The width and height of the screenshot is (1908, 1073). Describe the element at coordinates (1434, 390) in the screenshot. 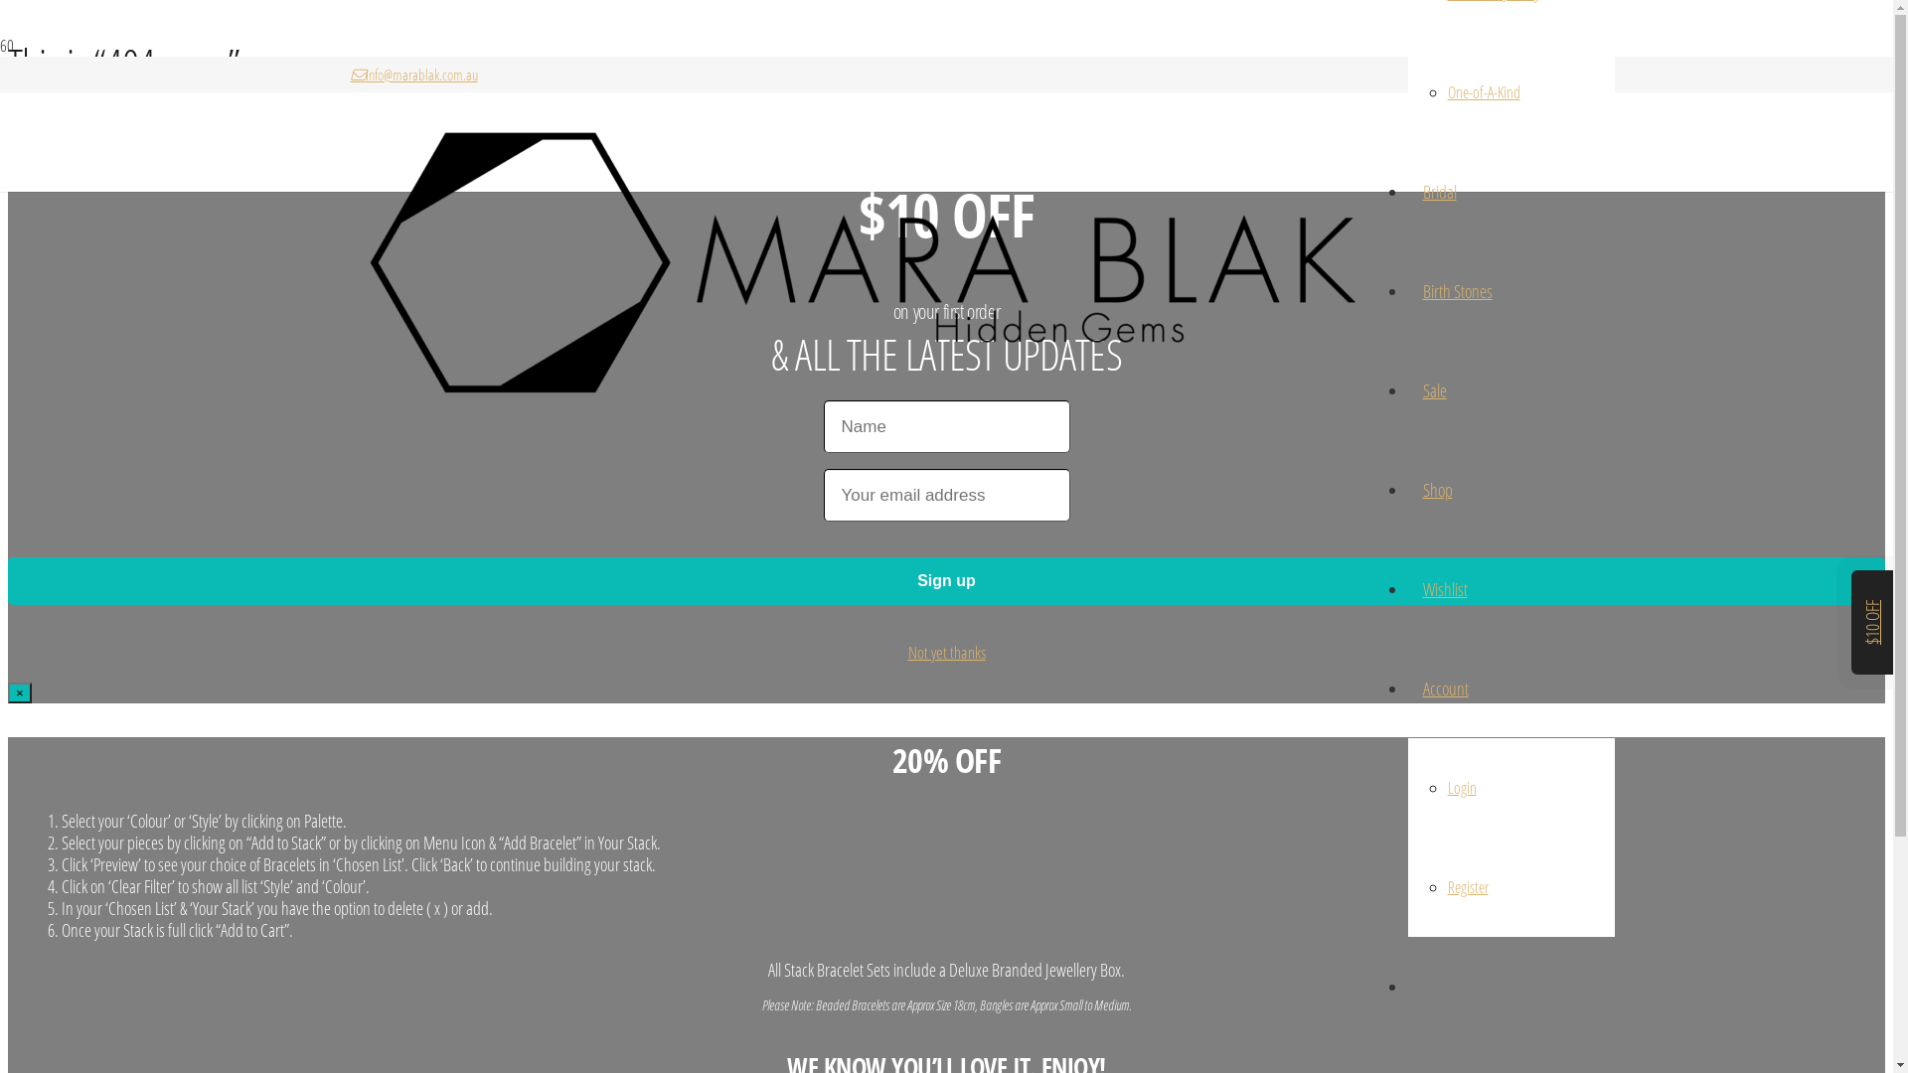

I see `'Sale'` at that location.